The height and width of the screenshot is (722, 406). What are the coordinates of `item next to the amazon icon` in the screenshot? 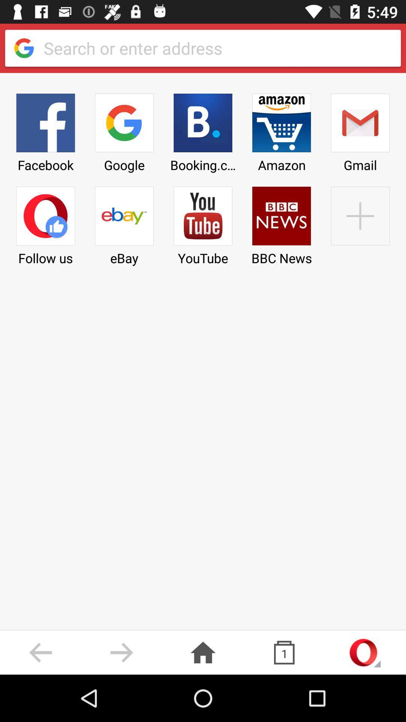 It's located at (360, 223).